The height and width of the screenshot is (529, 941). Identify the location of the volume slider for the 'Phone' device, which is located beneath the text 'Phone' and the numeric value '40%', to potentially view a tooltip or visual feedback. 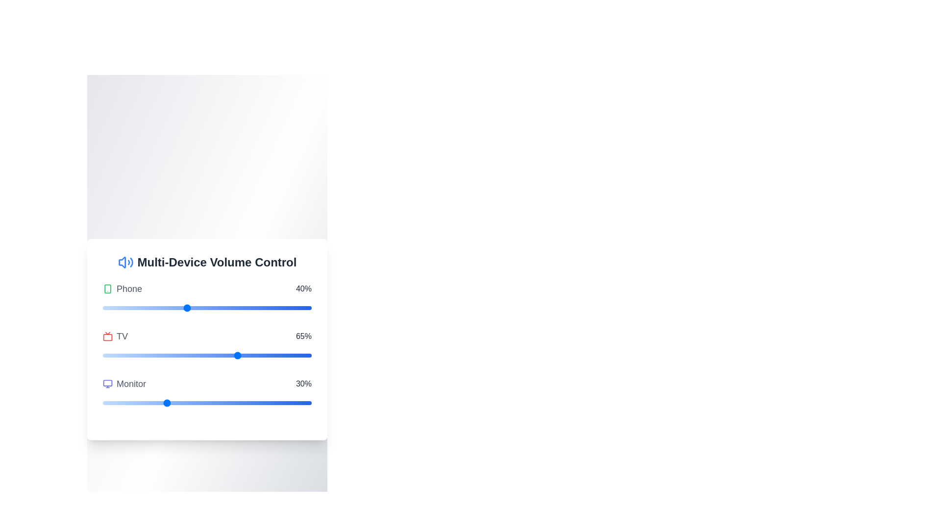
(206, 307).